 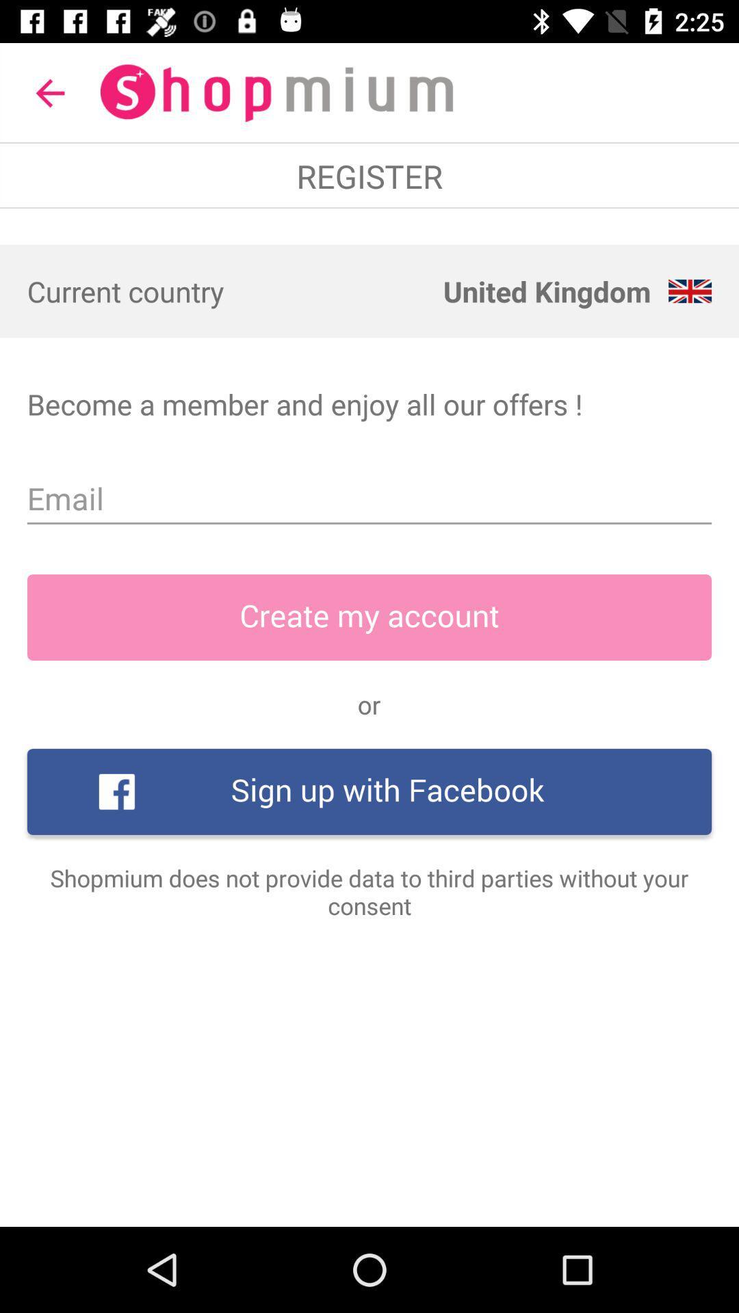 I want to click on icon above register, so click(x=49, y=92).